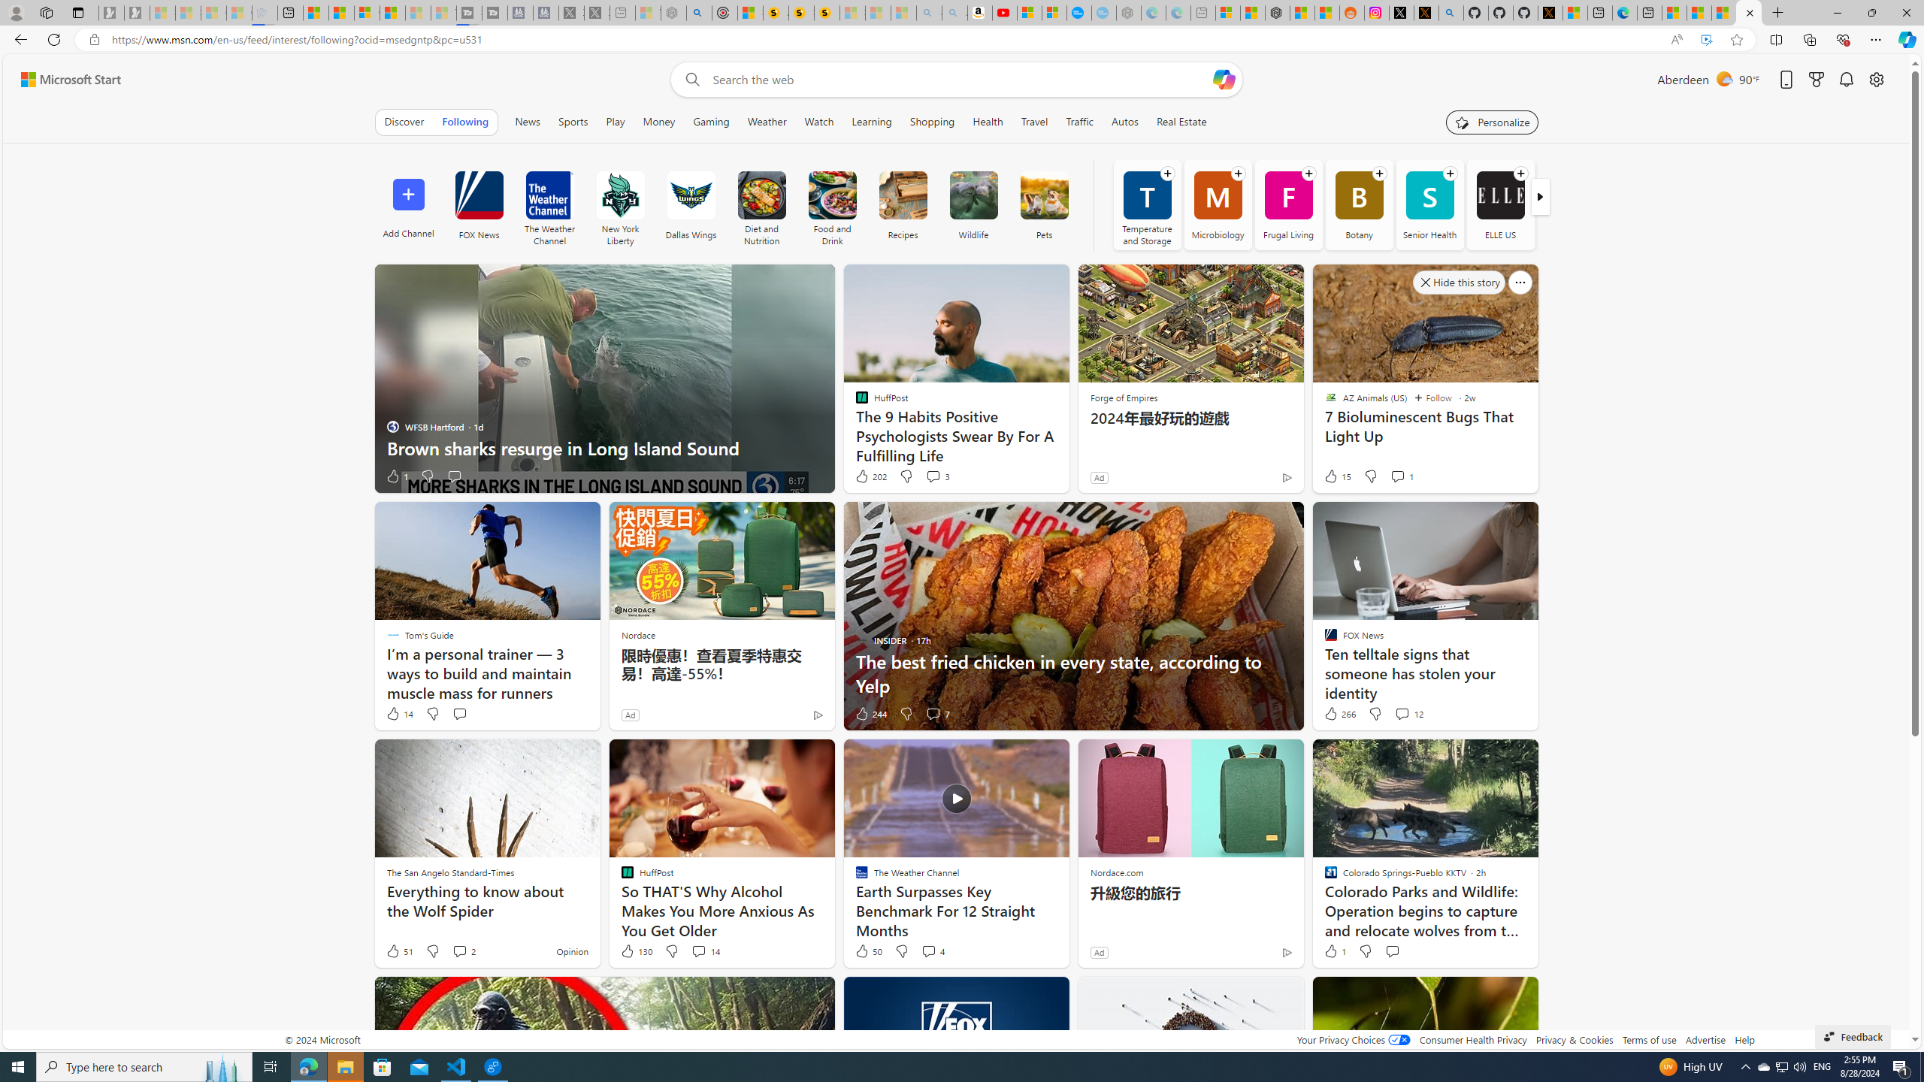 This screenshot has height=1082, width=1924. Describe the element at coordinates (710, 121) in the screenshot. I see `'Gaming'` at that location.